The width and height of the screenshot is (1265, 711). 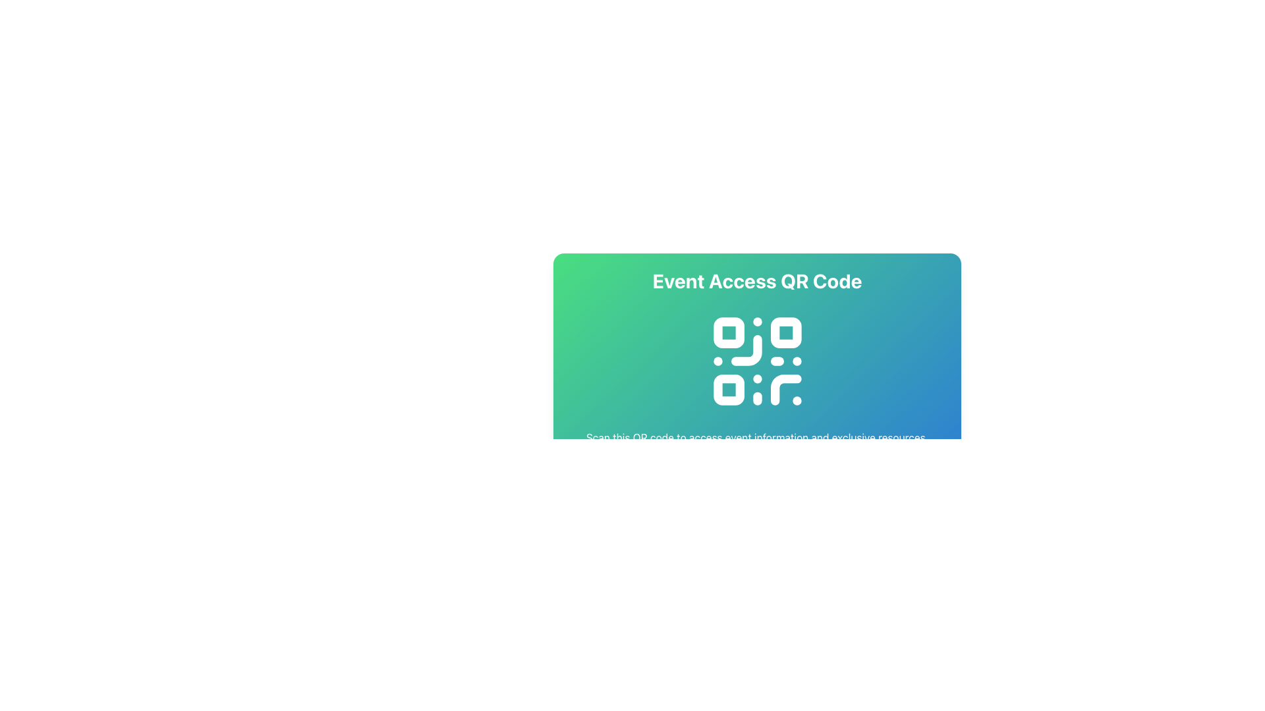 What do you see at coordinates (728, 389) in the screenshot?
I see `the third rectangular element in the bottom-left quadrant of the QR code, which serves a decorative purpose` at bounding box center [728, 389].